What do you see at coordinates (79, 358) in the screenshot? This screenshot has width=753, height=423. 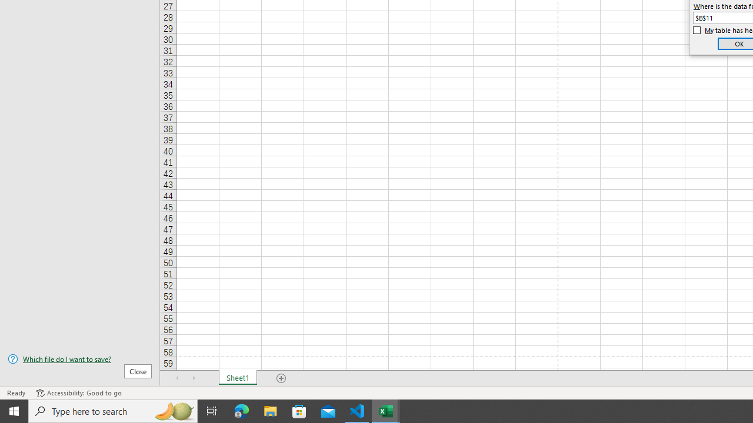 I see `'Which file do I want to save?'` at bounding box center [79, 358].